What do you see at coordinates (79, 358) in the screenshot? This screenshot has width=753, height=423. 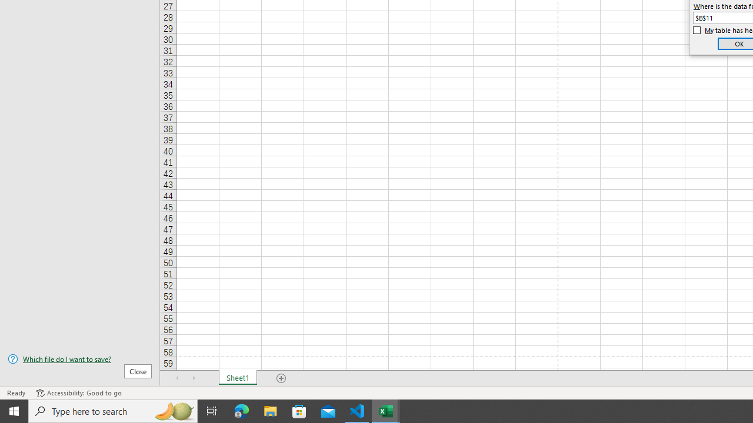 I see `'Which file do I want to save?'` at bounding box center [79, 358].